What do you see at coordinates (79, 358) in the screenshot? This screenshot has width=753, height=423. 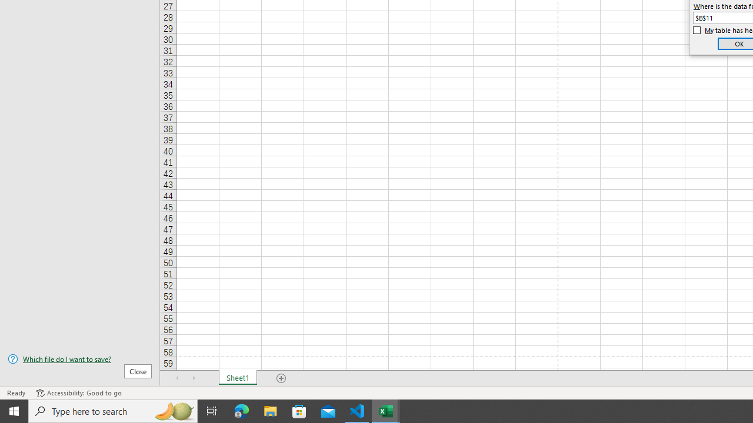 I see `'Which file do I want to save?'` at bounding box center [79, 358].